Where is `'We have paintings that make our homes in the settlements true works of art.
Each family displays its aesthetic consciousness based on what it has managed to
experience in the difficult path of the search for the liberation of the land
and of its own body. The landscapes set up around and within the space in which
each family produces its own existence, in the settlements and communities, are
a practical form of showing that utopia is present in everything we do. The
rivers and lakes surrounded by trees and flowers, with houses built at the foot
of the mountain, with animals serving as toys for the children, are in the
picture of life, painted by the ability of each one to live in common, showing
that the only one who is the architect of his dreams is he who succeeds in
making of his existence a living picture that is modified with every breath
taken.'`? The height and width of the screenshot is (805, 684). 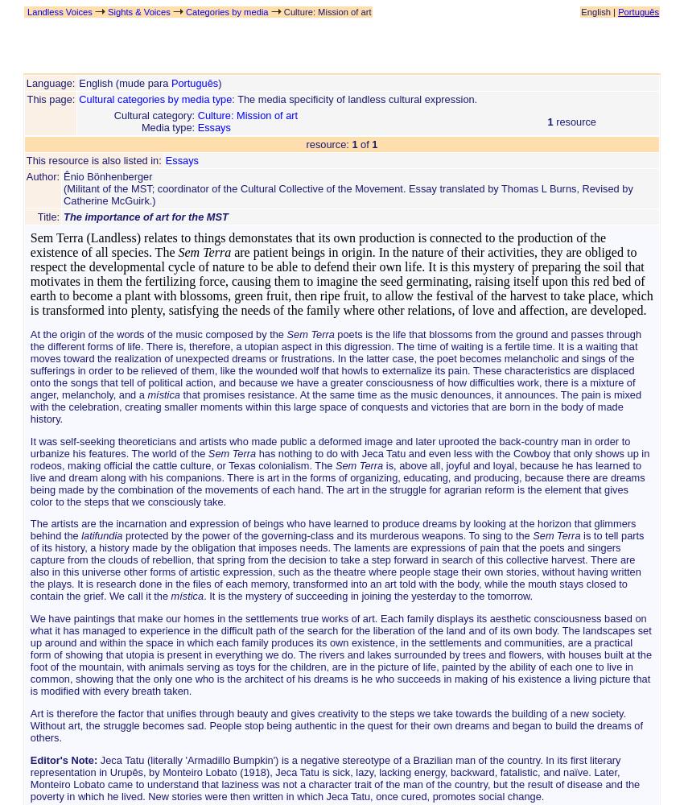 'We have paintings that make our homes in the settlements true works of art.
Each family displays its aesthetic consciousness based on what it has managed to
experience in the difficult path of the search for the liberation of the land
and of its own body. The landscapes set up around and within the space in which
each family produces its own existence, in the settlements and communities, are
a practical form of showing that utopia is present in everything we do. The
rivers and lakes surrounded by trees and flowers, with houses built at the foot
of the mountain, with animals serving as toys for the children, are in the
picture of life, painted by the ability of each one to live in common, showing
that the only one who is the architect of his dreams is he who succeeds in
making of his existence a living picture that is modified with every breath
taken.' is located at coordinates (340, 654).